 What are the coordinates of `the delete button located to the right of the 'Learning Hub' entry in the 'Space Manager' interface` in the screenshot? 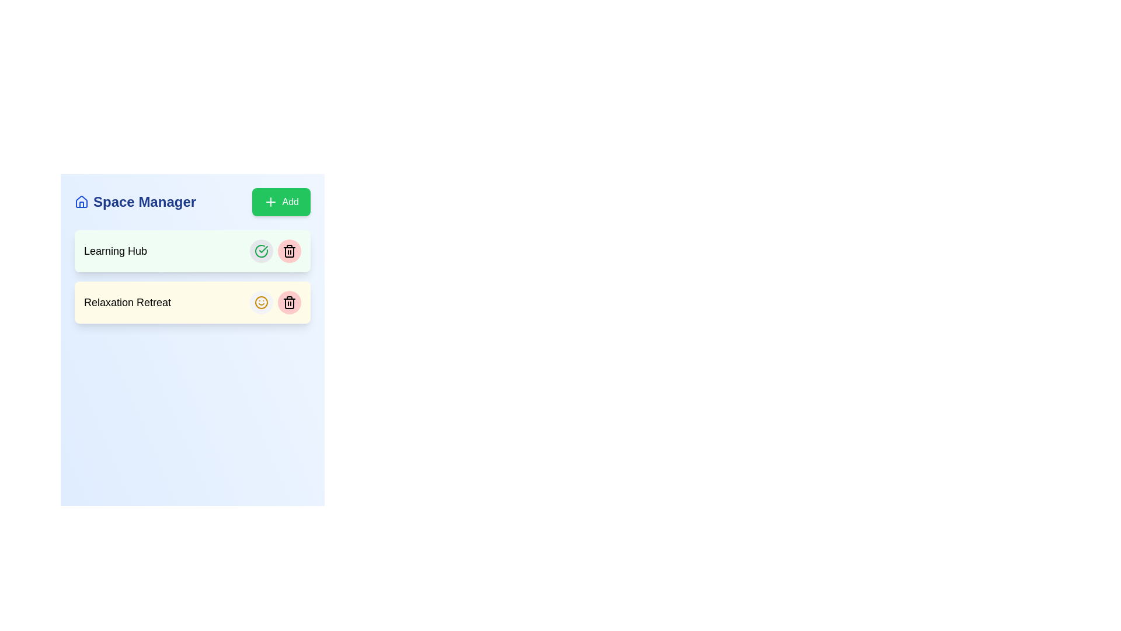 It's located at (289, 250).